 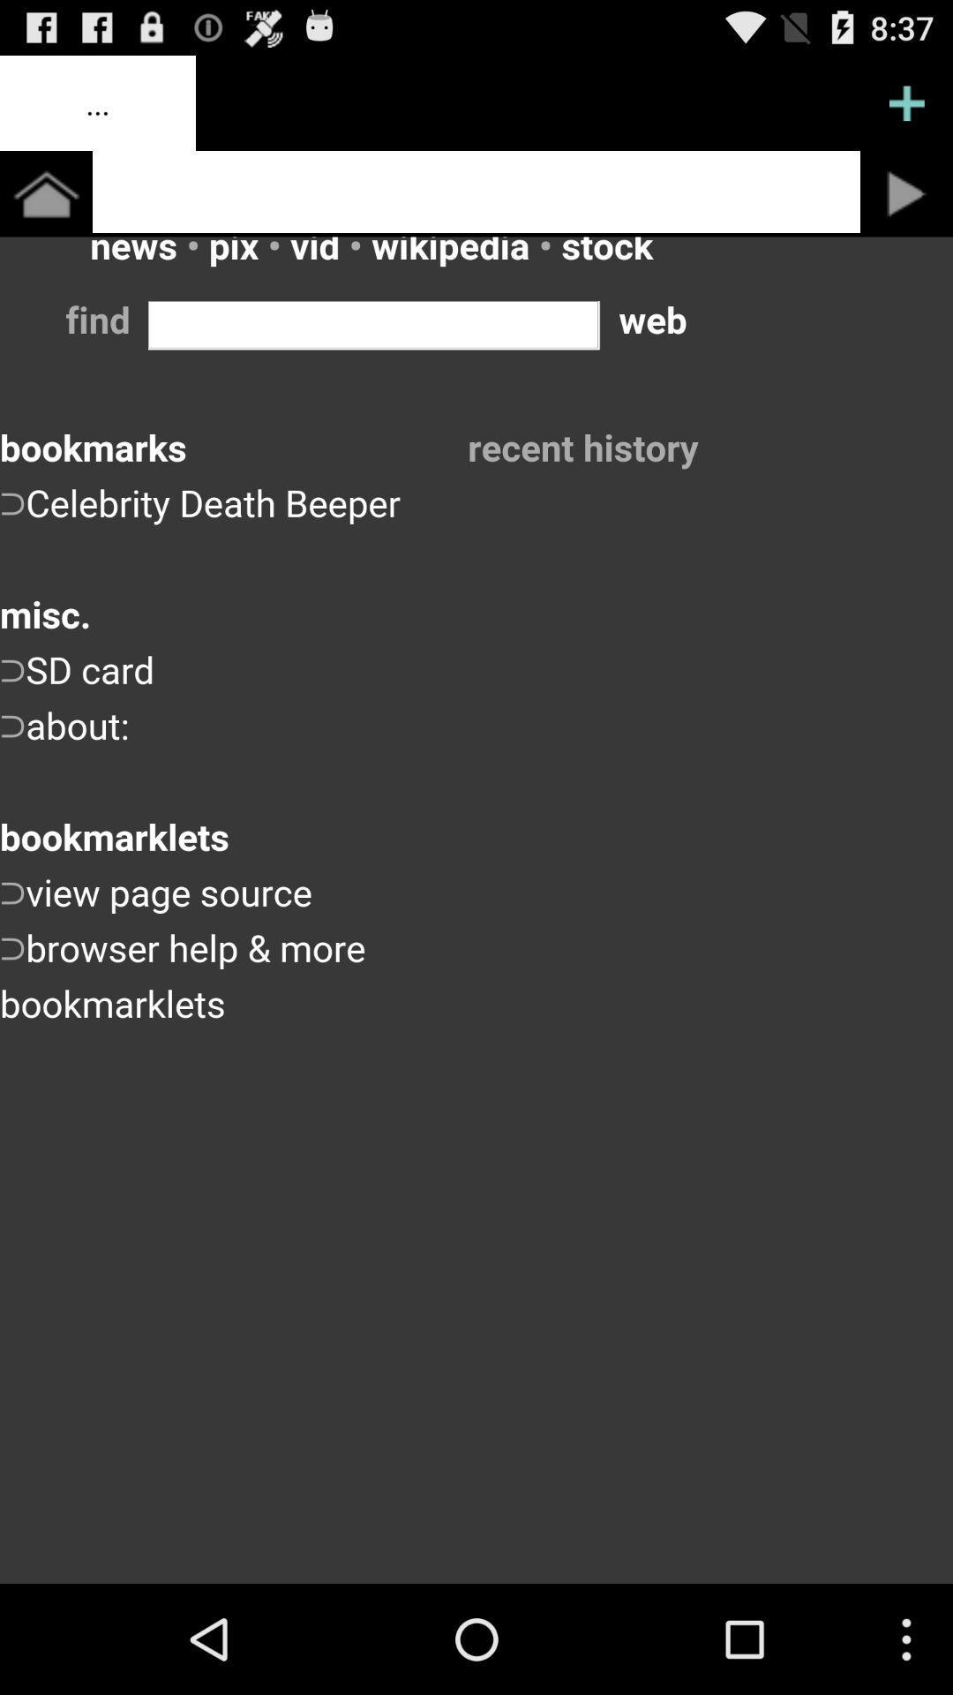 I want to click on tap to write, so click(x=476, y=192).